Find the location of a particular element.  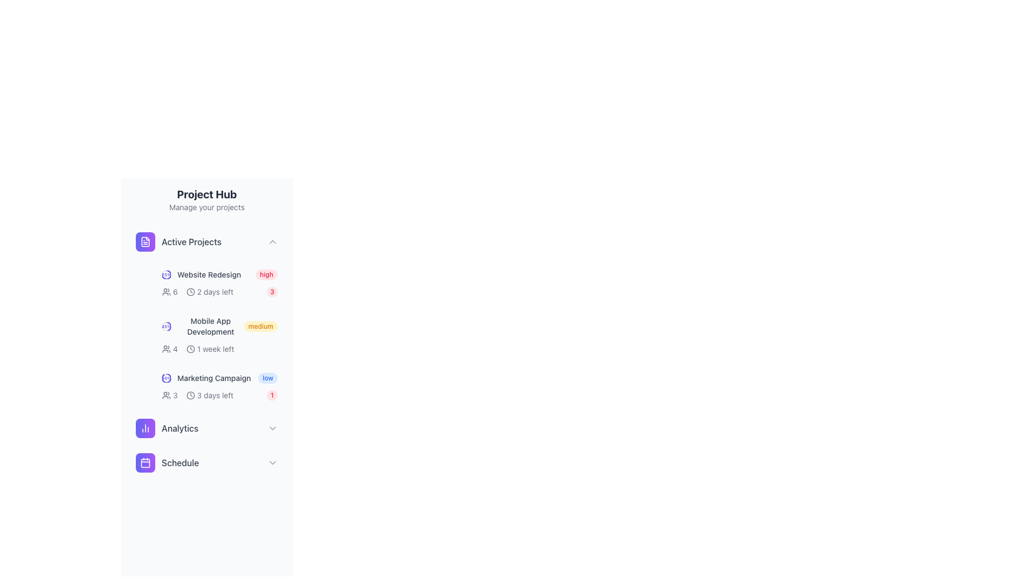

the icon with a gradient background transitioning from indigo to purple, which contains a white document icon, located near the top-left corner of the 'Active Projects' section is located at coordinates (144, 241).